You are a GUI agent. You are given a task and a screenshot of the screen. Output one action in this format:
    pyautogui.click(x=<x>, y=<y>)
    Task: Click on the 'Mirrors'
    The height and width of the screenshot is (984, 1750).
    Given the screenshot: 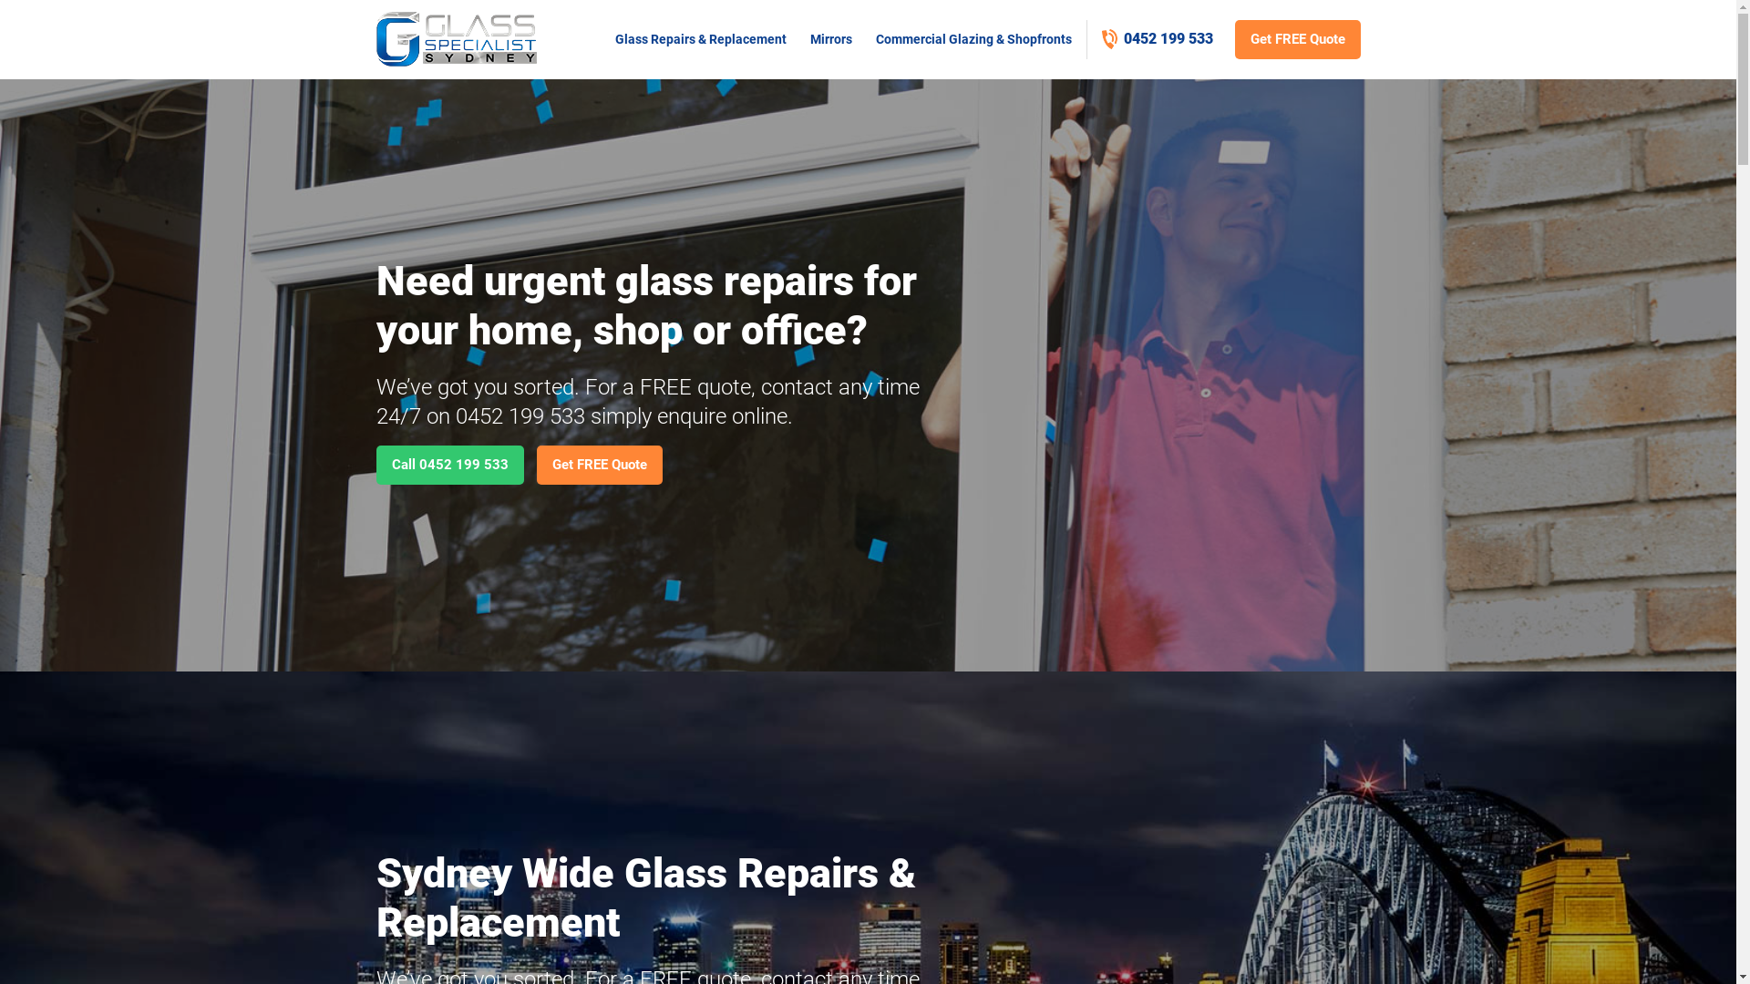 What is the action you would take?
    pyautogui.click(x=800, y=39)
    